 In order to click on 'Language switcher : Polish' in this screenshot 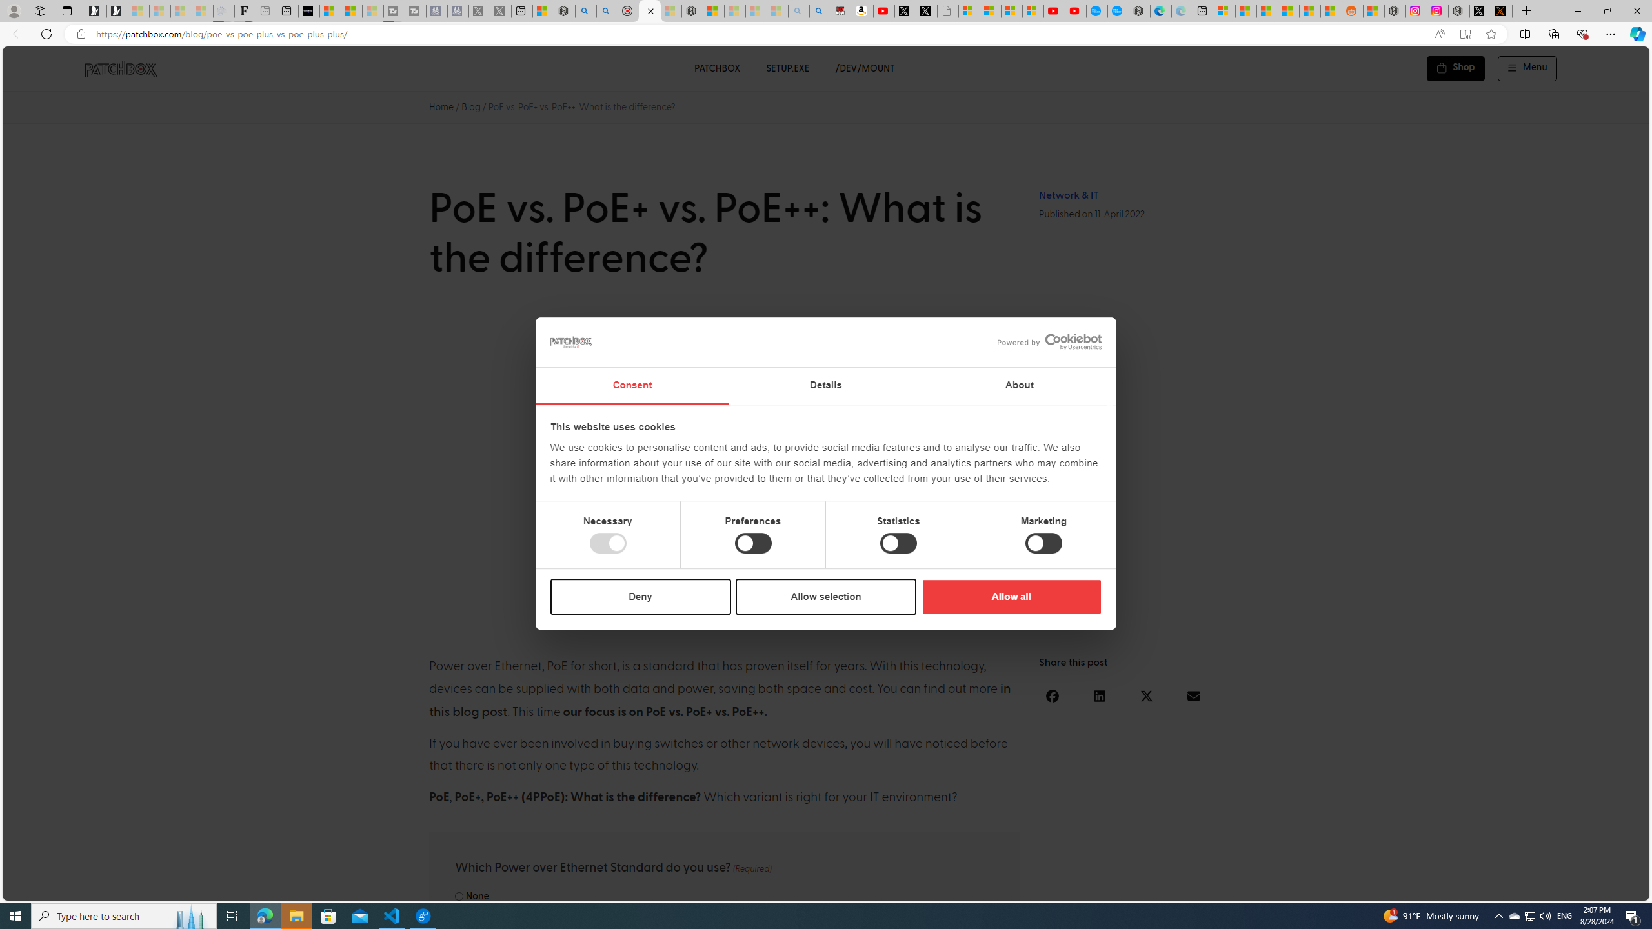, I will do `click(1475, 888)`.